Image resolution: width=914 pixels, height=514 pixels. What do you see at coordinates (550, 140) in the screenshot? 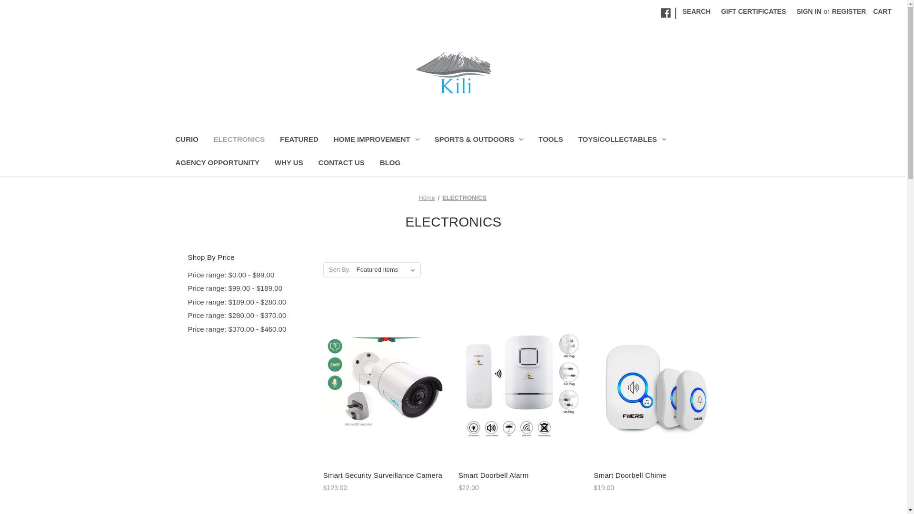
I see `'TOOLS'` at bounding box center [550, 140].